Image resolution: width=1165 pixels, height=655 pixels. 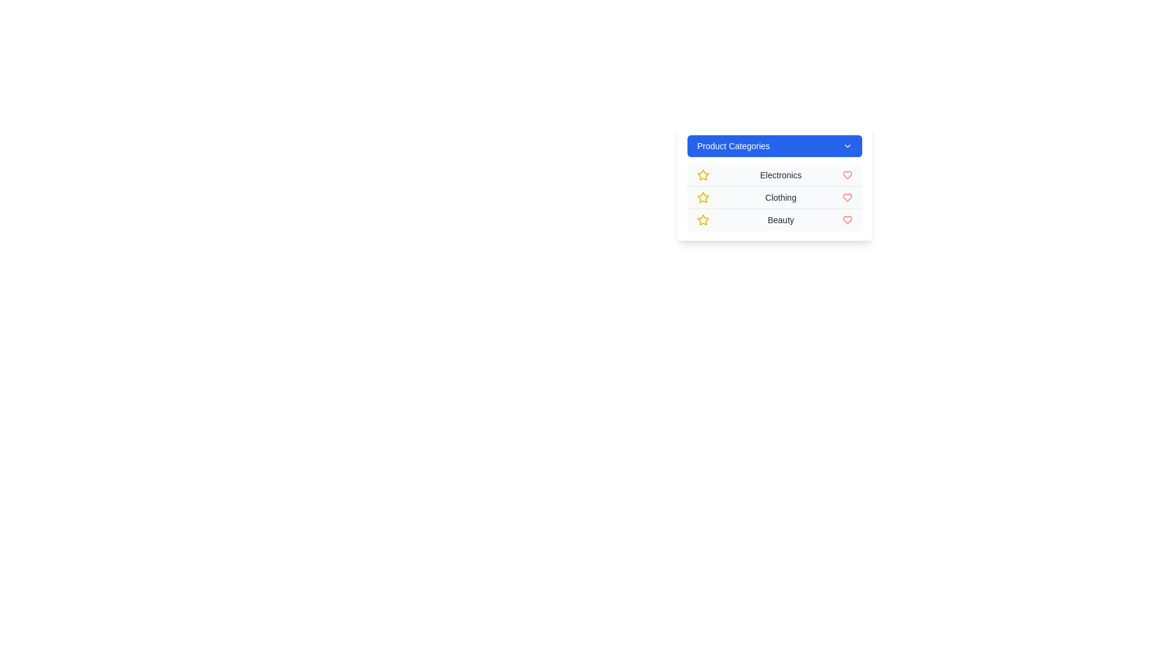 What do you see at coordinates (703, 220) in the screenshot?
I see `the star icon next to the Beauty category` at bounding box center [703, 220].